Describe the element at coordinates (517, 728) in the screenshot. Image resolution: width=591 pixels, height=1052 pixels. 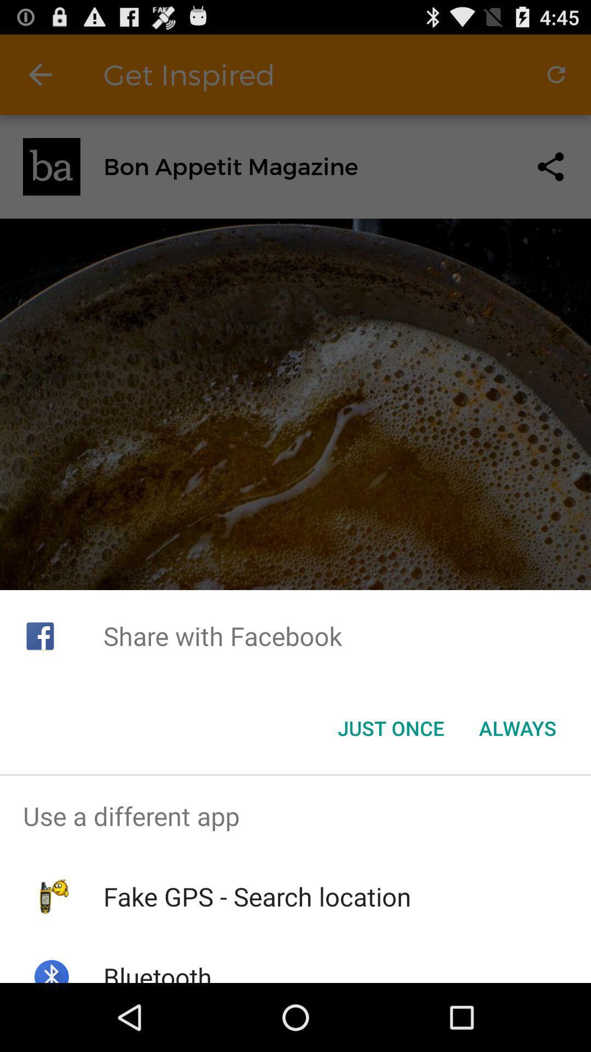
I see `always` at that location.